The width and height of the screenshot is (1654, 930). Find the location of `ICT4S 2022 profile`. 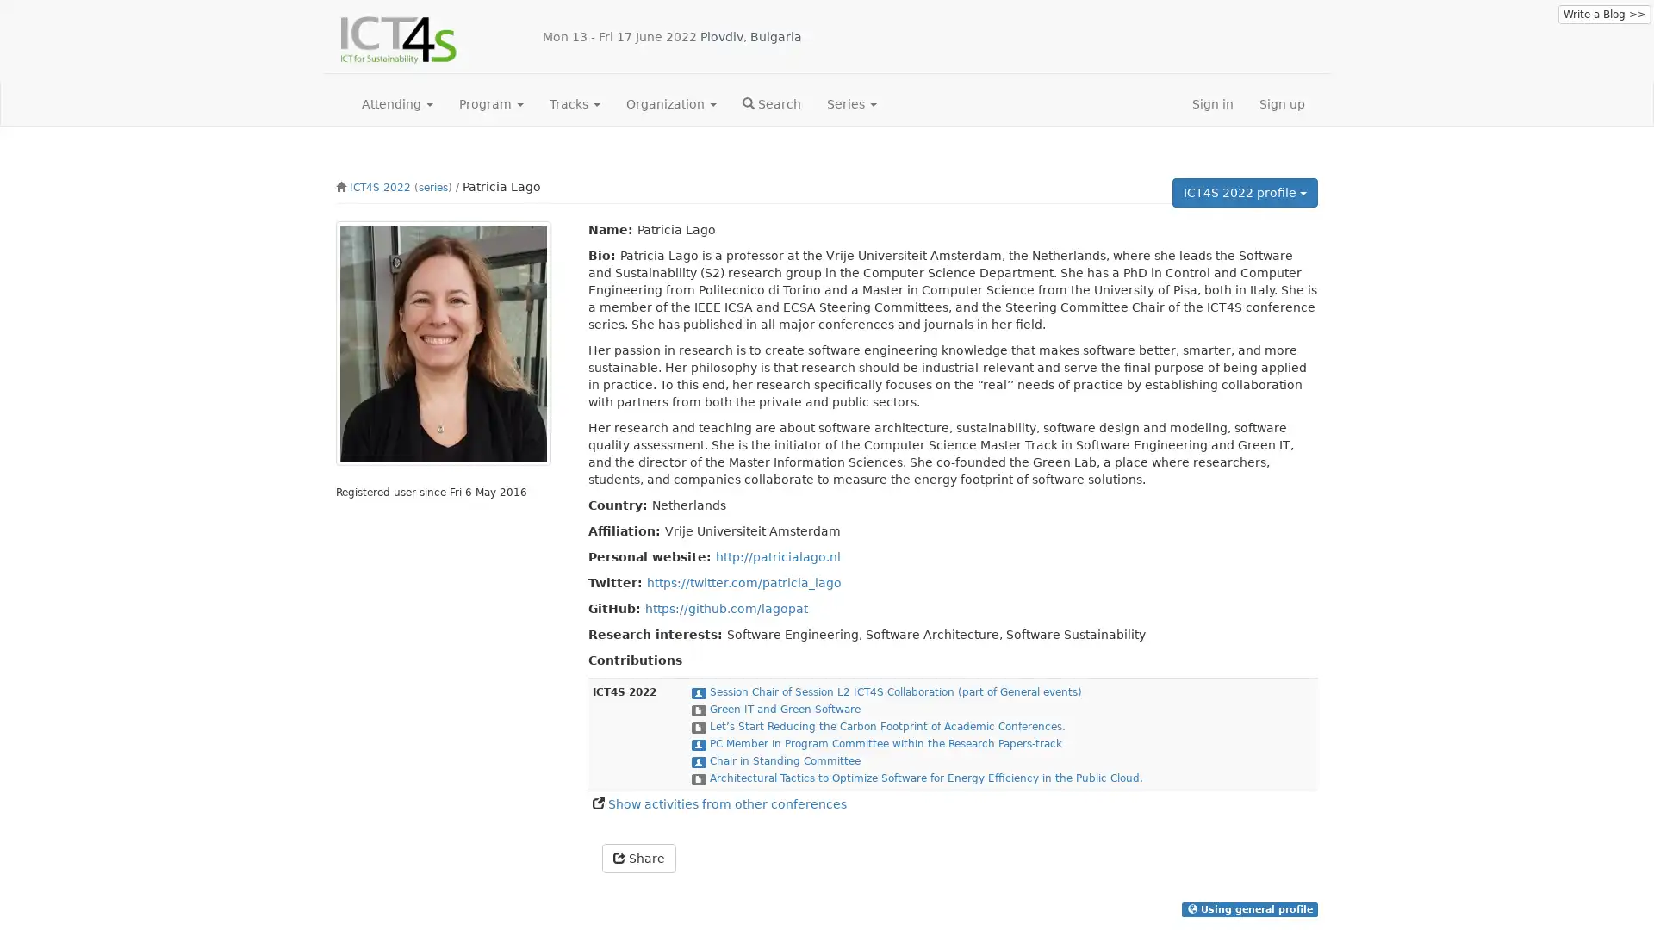

ICT4S 2022 profile is located at coordinates (1245, 192).